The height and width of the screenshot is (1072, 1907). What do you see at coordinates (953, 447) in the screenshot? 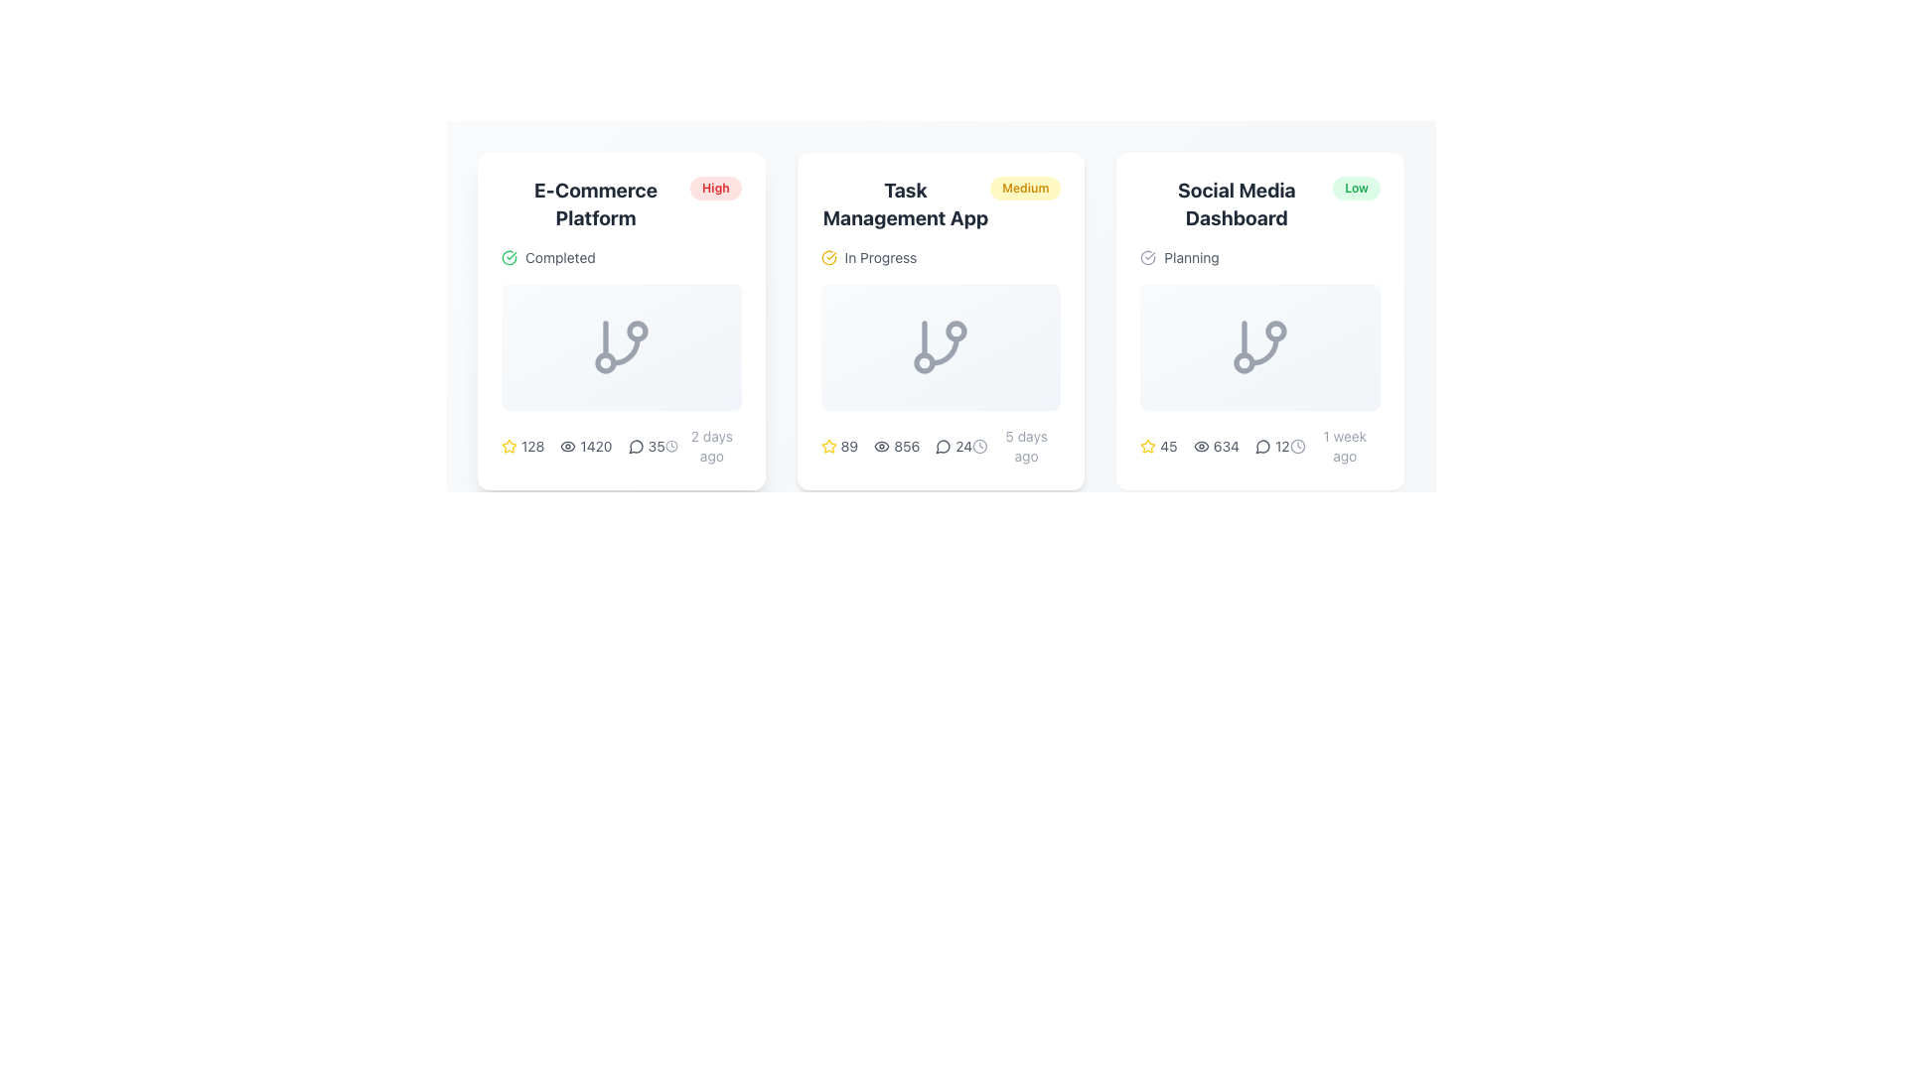
I see `the informational label displaying the numeral '24' to note the information presented, which is aligned to the right of a chat bubble icon, located in the 'Task Management App' card` at bounding box center [953, 447].